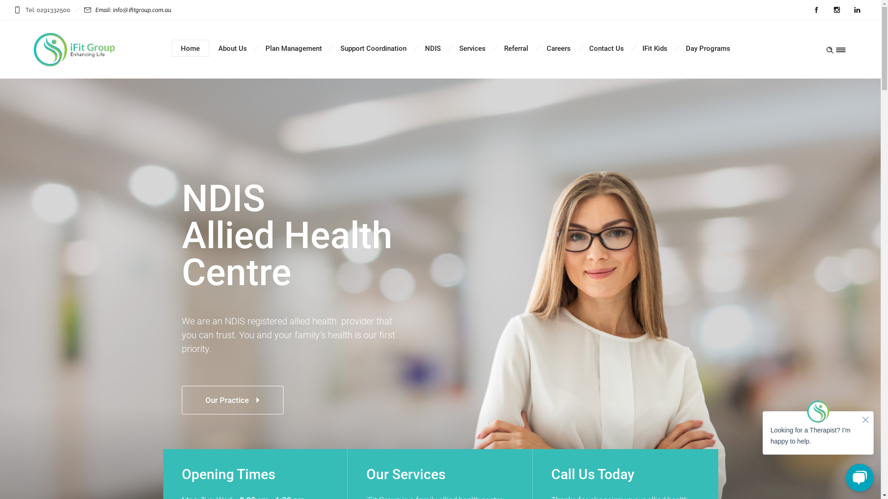 The height and width of the screenshot is (499, 888). I want to click on 'About Us', so click(233, 48).